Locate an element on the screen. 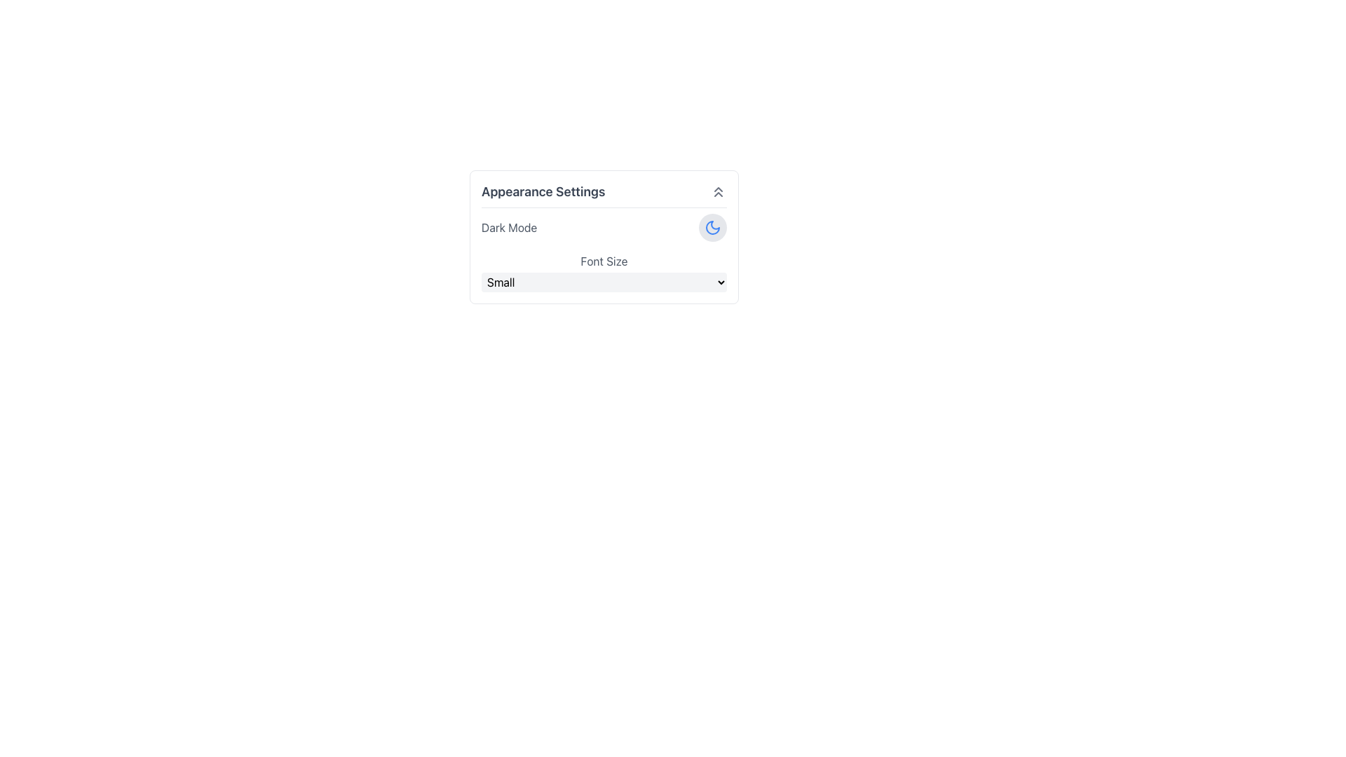 This screenshot has height=757, width=1346. the toggle switch button located to the right of the 'Dark Mode' text label within the 'Appearance Settings' panel is located at coordinates (713, 226).